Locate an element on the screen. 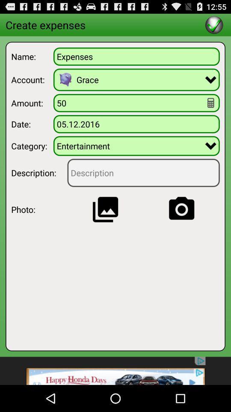 Image resolution: width=231 pixels, height=412 pixels. see advertisement is located at coordinates (115, 370).